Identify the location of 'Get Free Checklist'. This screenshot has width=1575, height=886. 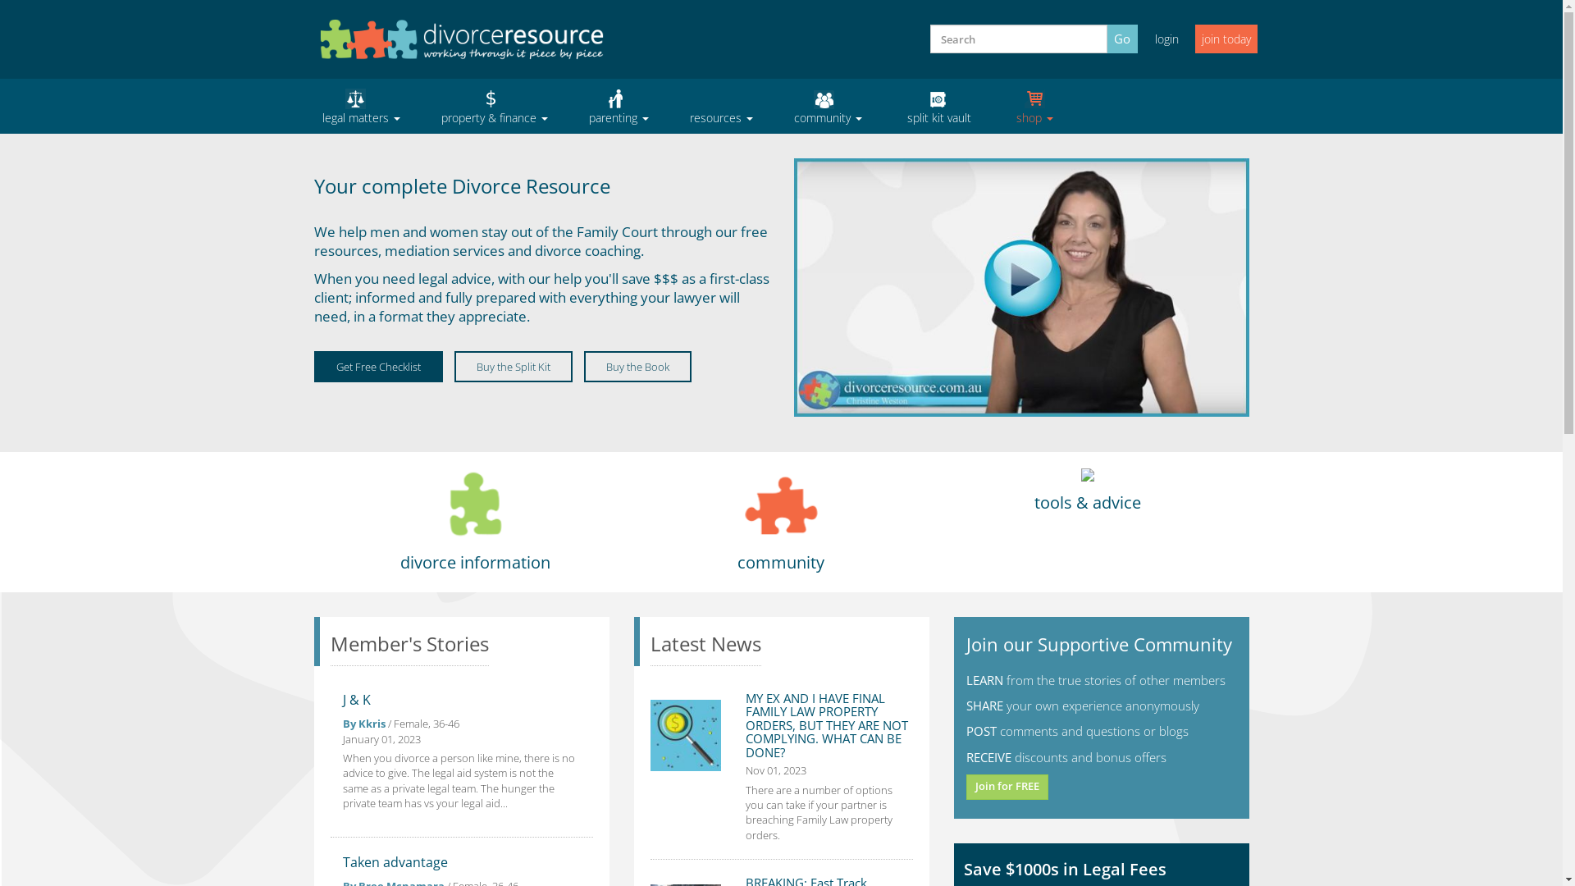
(313, 366).